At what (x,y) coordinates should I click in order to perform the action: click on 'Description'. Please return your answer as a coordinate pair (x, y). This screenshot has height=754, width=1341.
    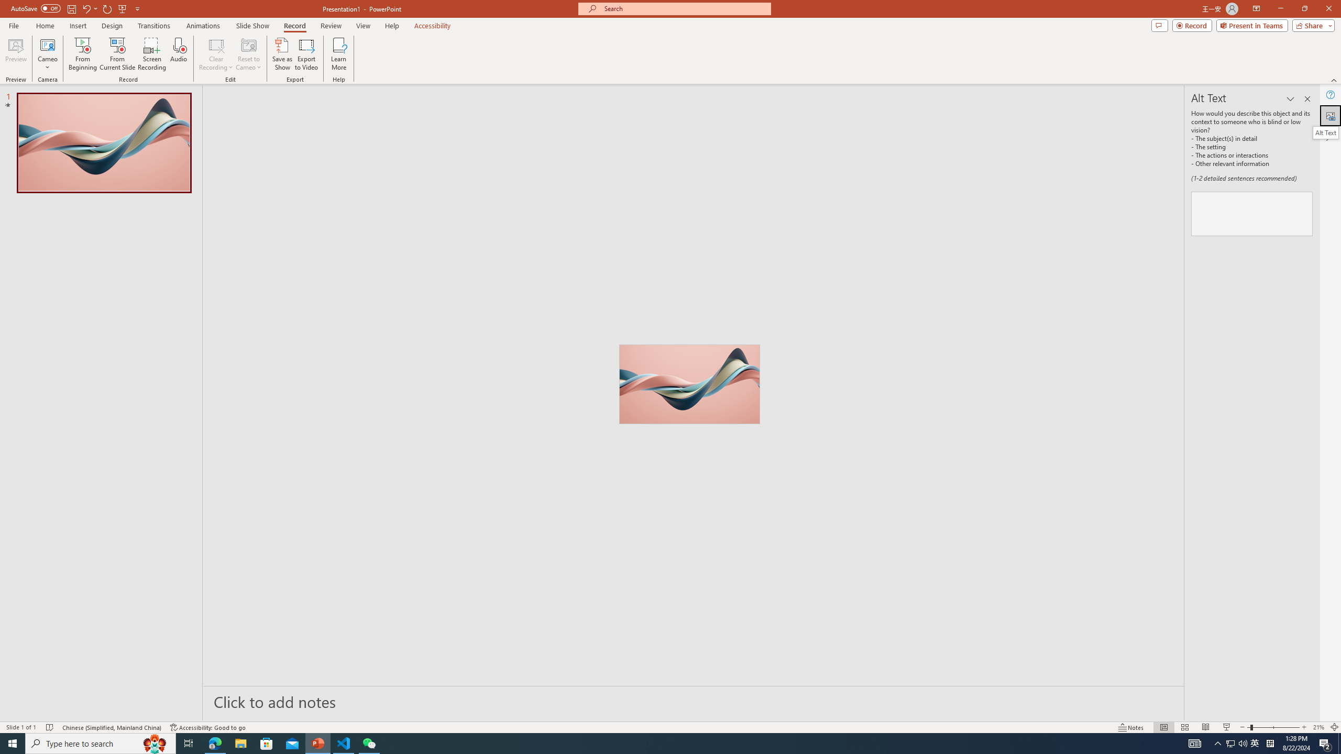
    Looking at the image, I should click on (1251, 213).